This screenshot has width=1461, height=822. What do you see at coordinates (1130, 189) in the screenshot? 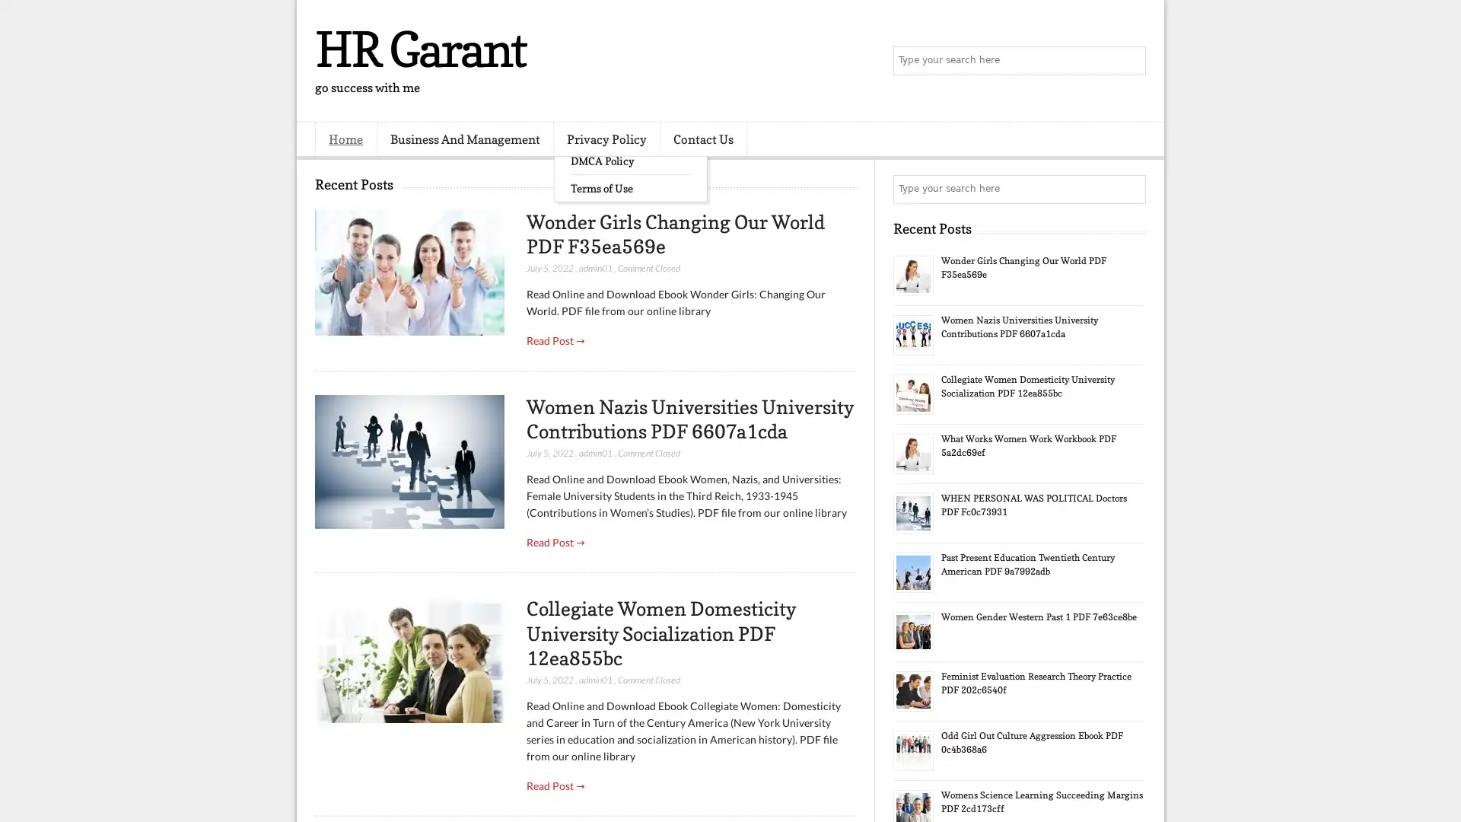
I see `Search` at bounding box center [1130, 189].